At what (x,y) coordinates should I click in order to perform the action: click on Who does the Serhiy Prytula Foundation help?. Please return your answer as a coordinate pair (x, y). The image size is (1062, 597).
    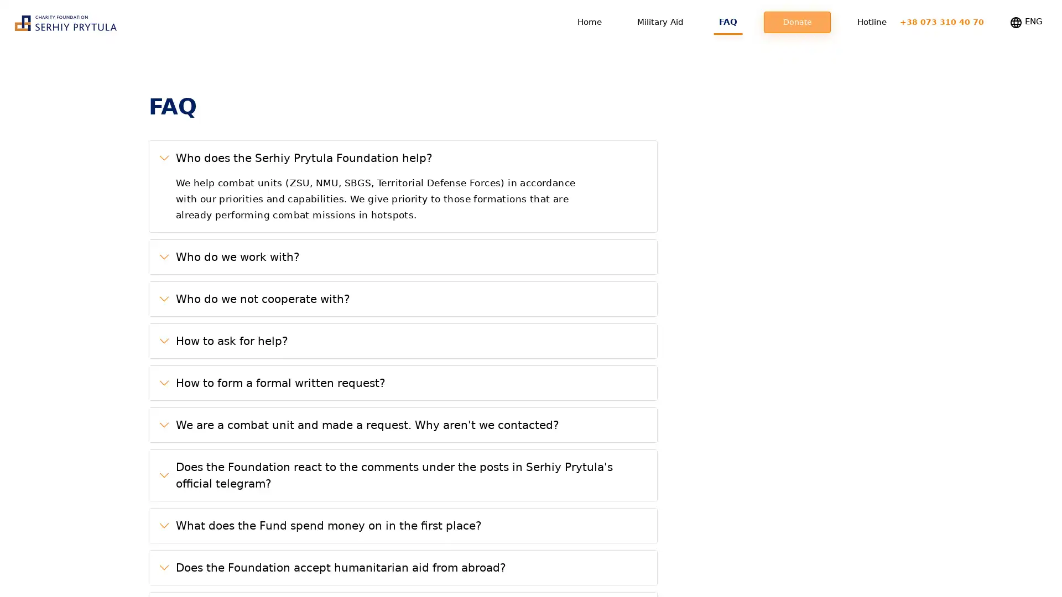
    Looking at the image, I should click on (402, 158).